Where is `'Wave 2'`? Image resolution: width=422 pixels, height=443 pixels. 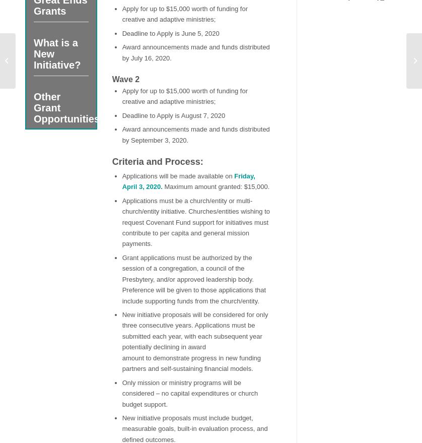
'Wave 2' is located at coordinates (125, 79).